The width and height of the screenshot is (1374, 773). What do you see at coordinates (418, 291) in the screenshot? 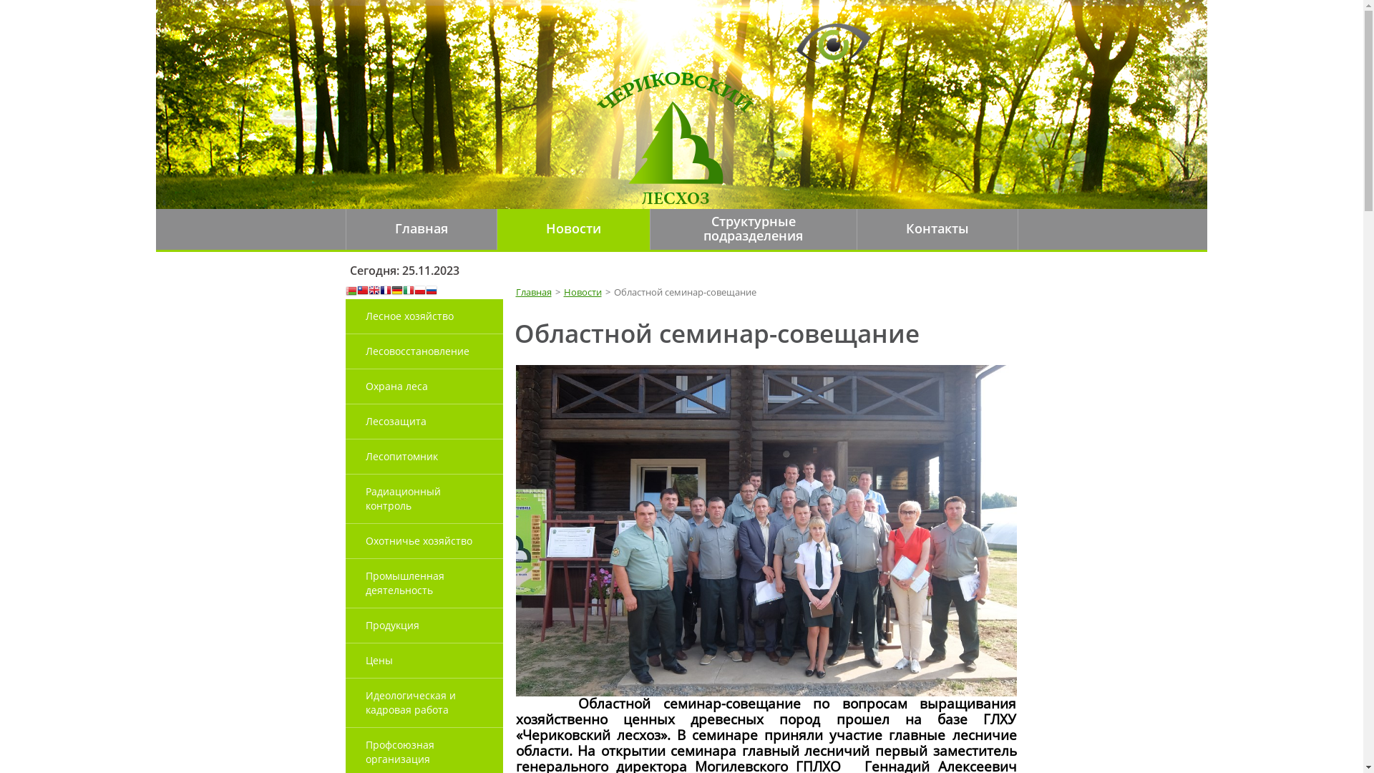
I see `'Polish'` at bounding box center [418, 291].